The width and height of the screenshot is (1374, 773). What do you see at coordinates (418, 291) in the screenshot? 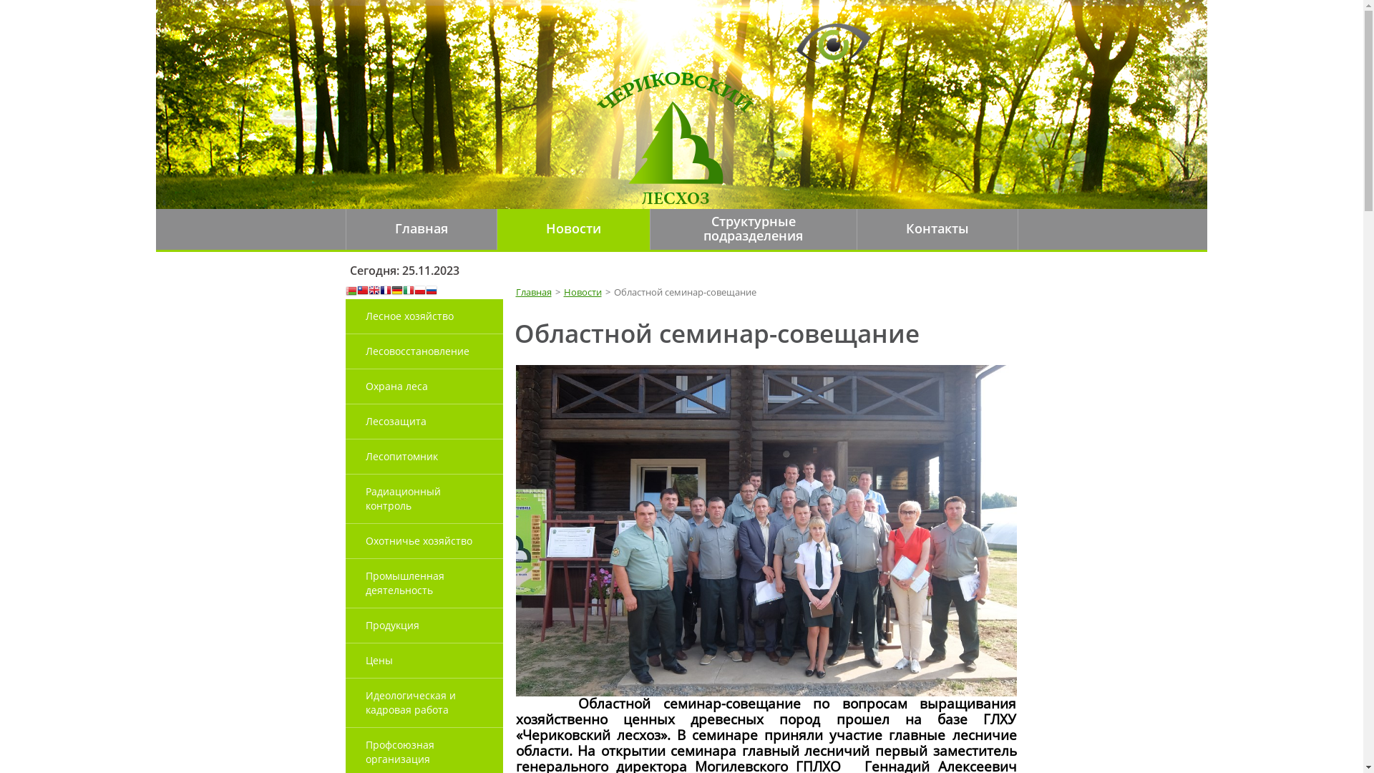
I see `'Polish'` at bounding box center [418, 291].